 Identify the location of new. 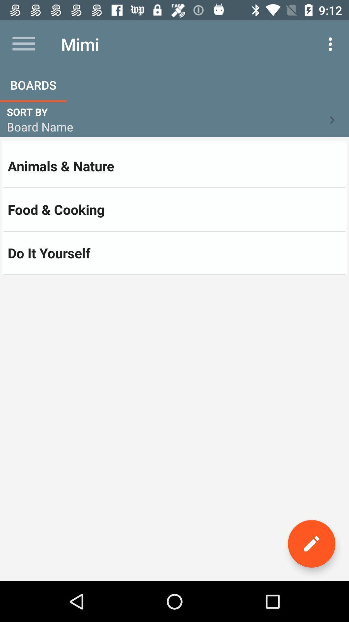
(311, 544).